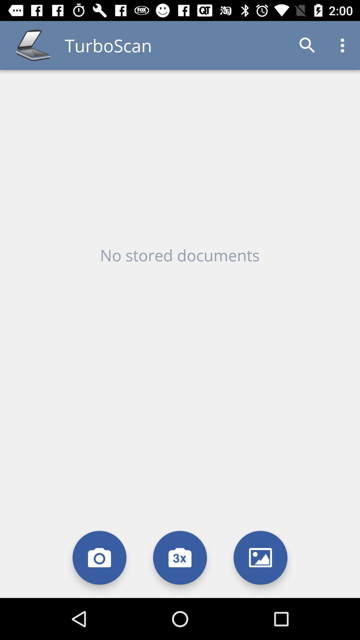 This screenshot has width=360, height=640. What do you see at coordinates (99, 558) in the screenshot?
I see `the icon at the bottom left corner` at bounding box center [99, 558].